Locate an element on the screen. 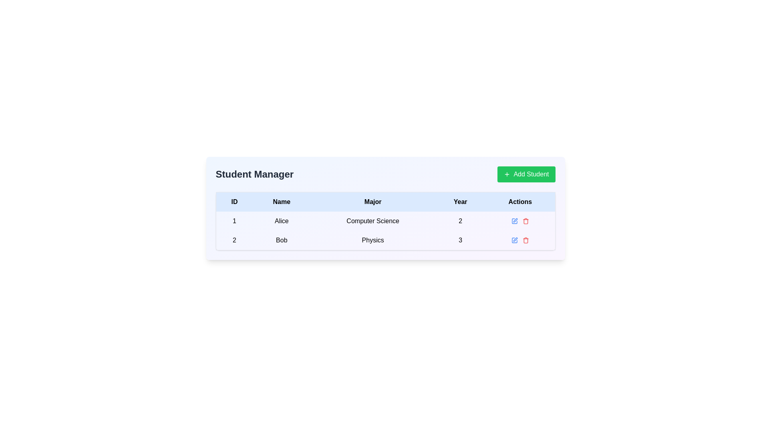 This screenshot has height=432, width=769. the 'Major' column header in the table, which is the third header following 'ID' and 'Name', and before 'Year' and 'Actions' is located at coordinates (372, 201).